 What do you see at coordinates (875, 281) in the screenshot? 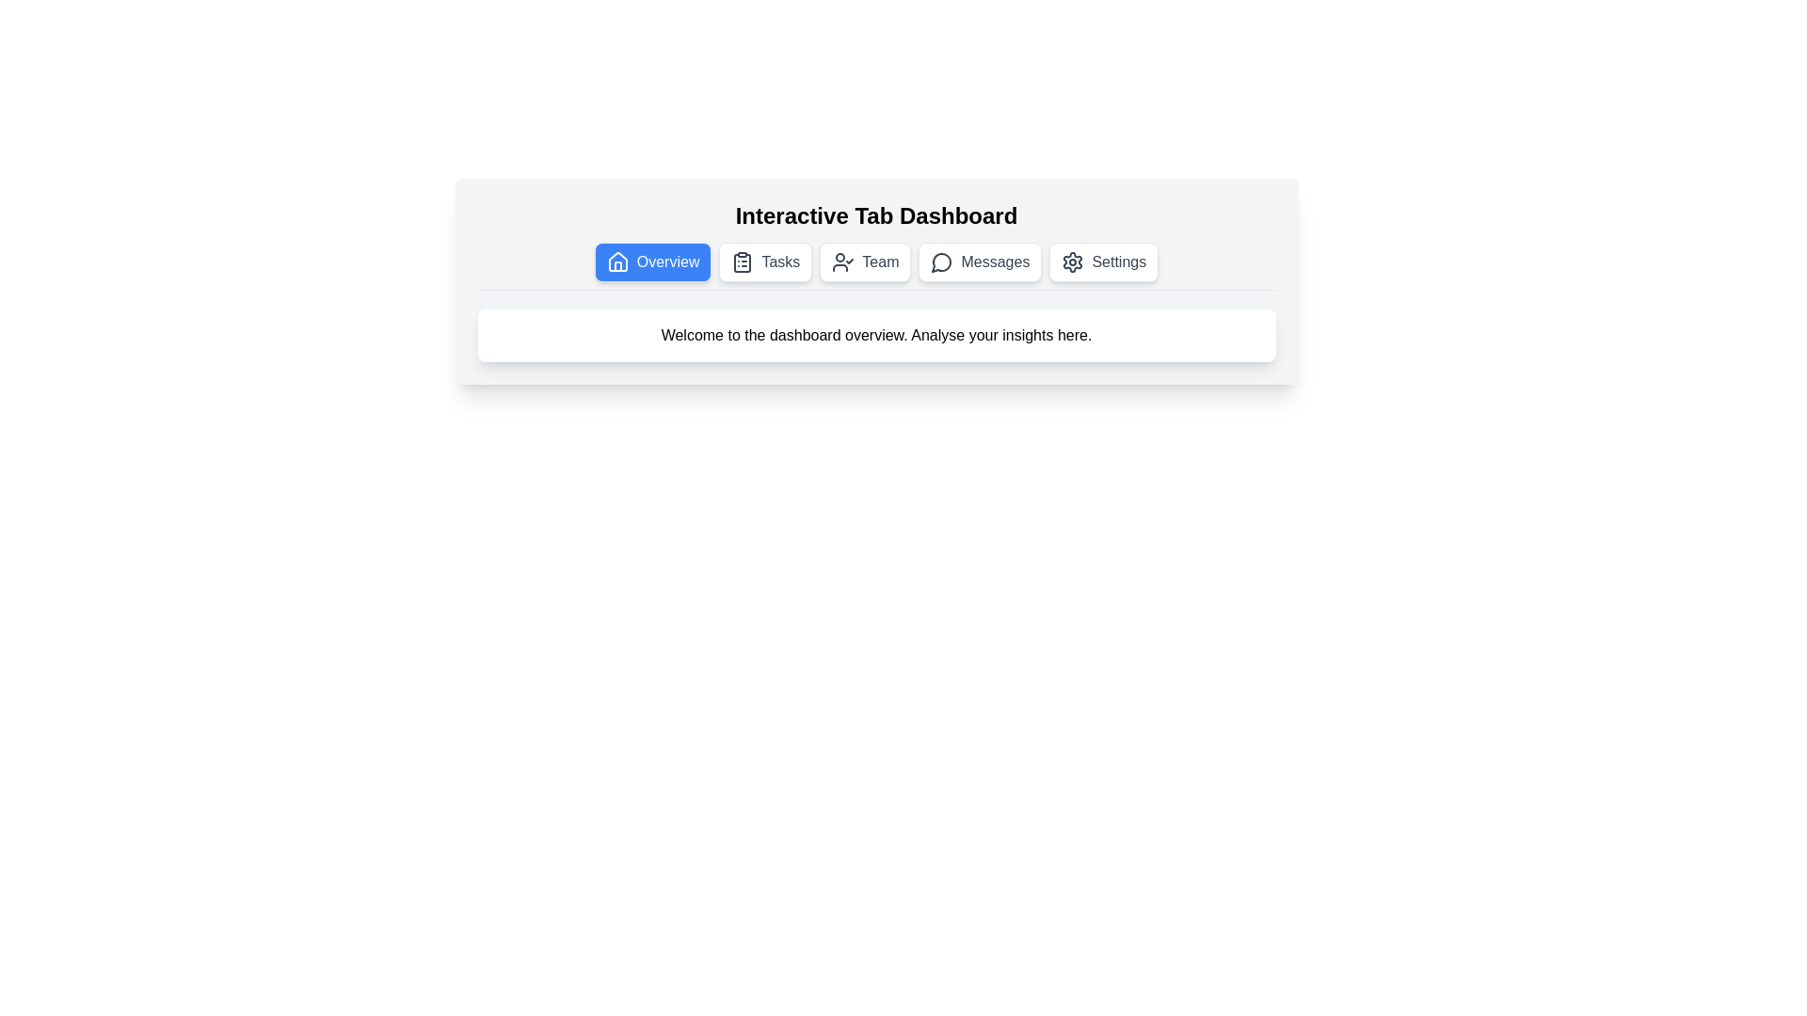
I see `the dashboard navigation tabs in the interactive tab dashboard` at bounding box center [875, 281].